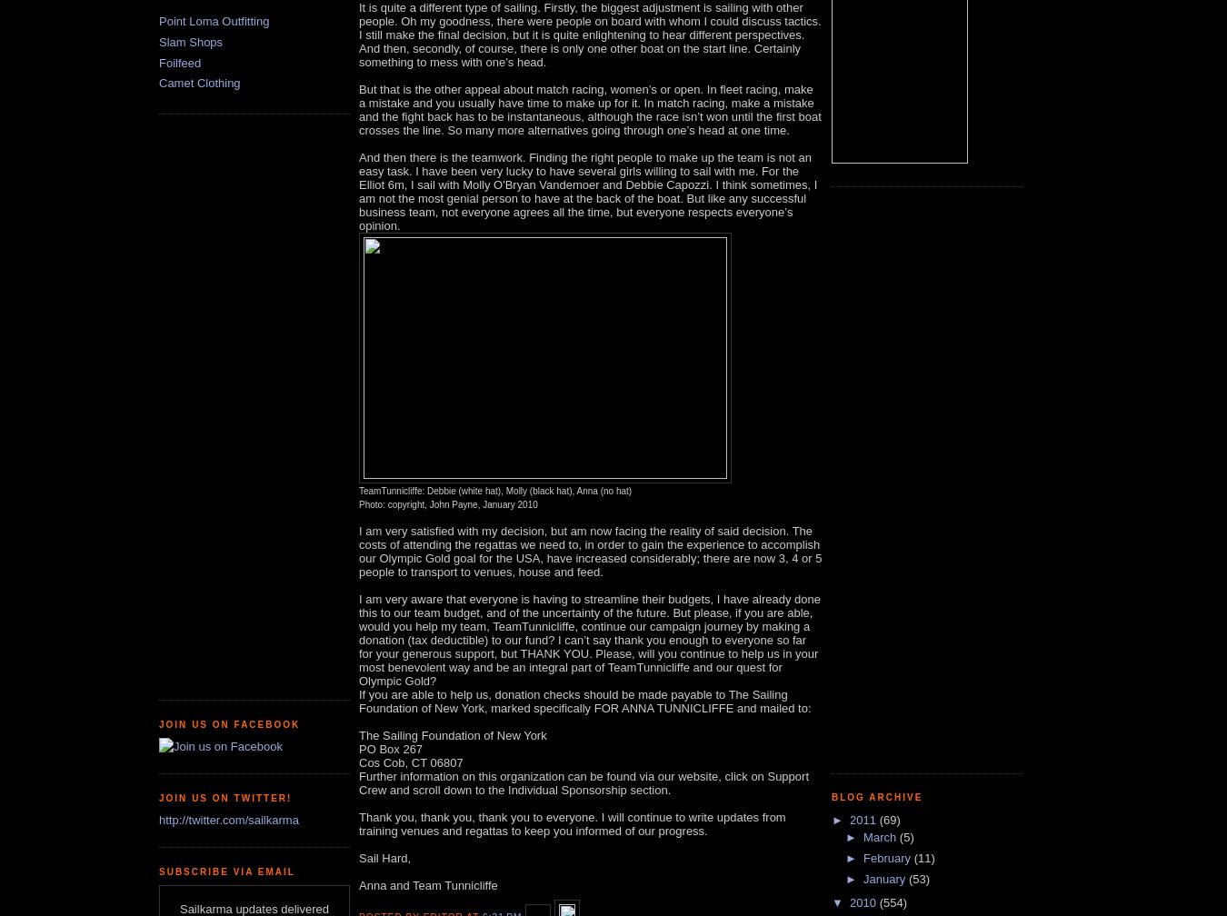 Image resolution: width=1227 pixels, height=916 pixels. What do you see at coordinates (875, 797) in the screenshot?
I see `'Blog Archive'` at bounding box center [875, 797].